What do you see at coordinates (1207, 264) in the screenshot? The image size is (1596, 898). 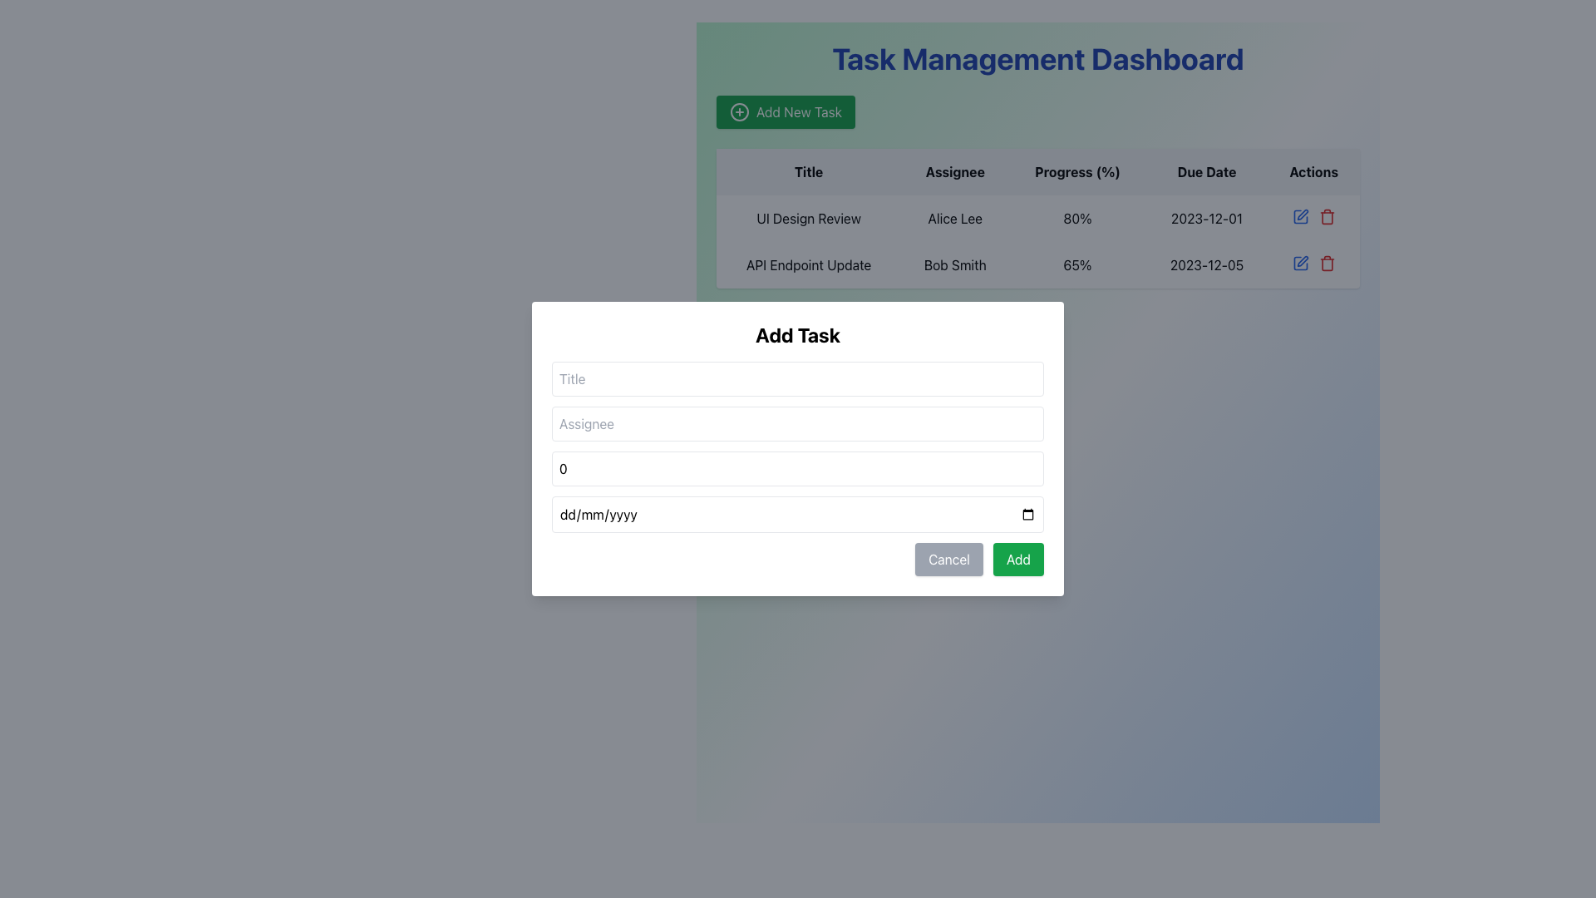 I see `the text indicating the due date of the task 'API Endpoint Update', which is located in the 'Due Date' column of the task details table` at bounding box center [1207, 264].